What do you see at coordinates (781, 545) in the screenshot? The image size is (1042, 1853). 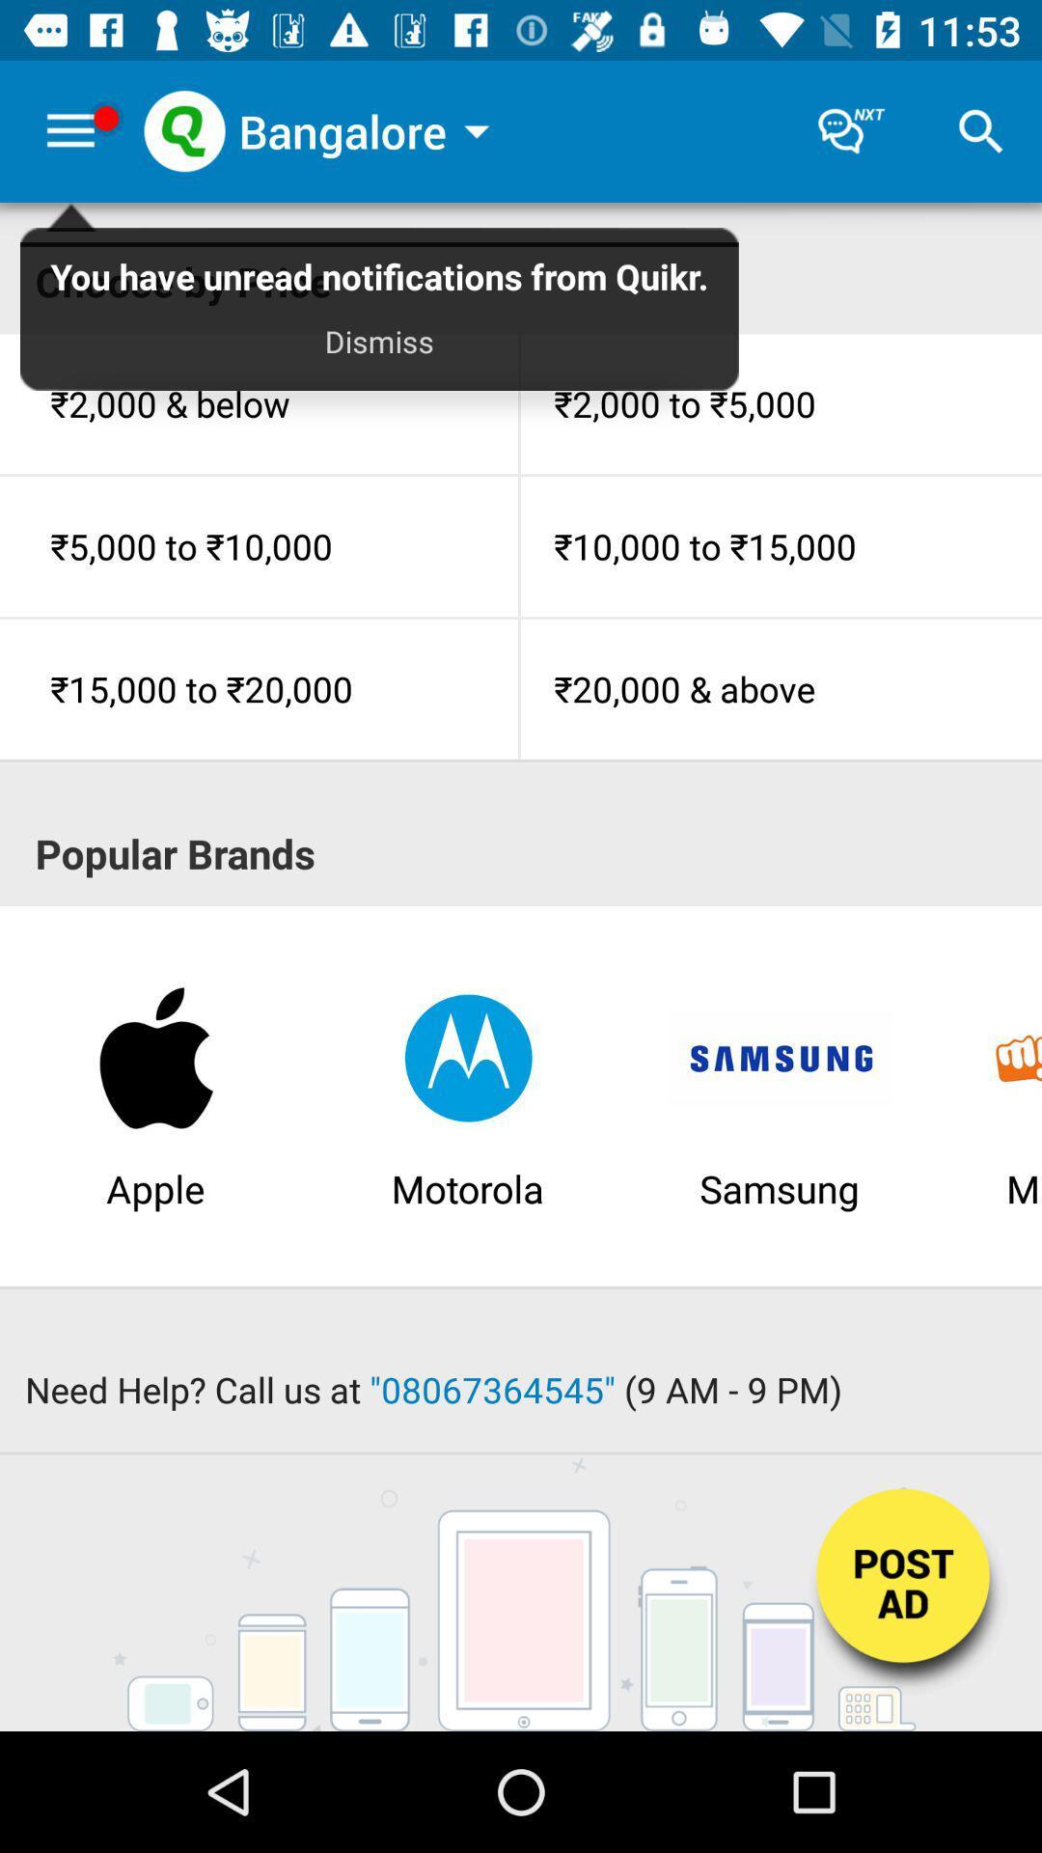 I see `the text which is immediately above 20000  above` at bounding box center [781, 545].